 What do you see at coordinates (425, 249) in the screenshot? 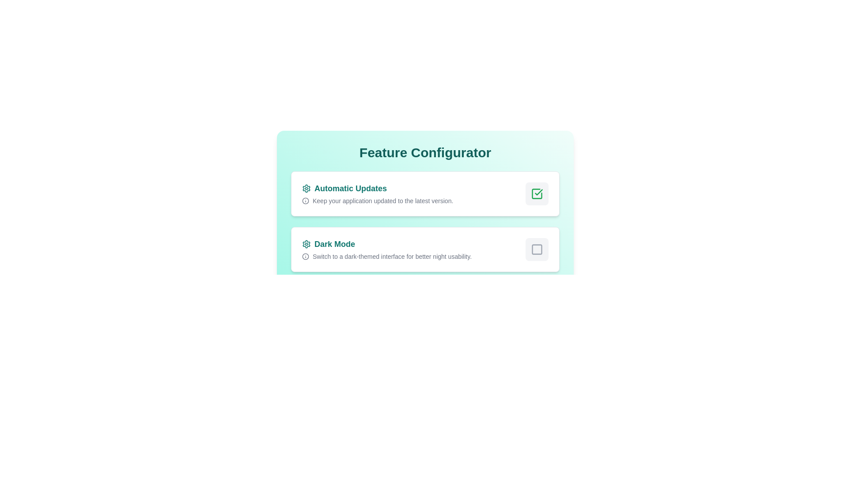
I see `the 'Dark Mode' toggle option with the checkbox for additional information` at bounding box center [425, 249].